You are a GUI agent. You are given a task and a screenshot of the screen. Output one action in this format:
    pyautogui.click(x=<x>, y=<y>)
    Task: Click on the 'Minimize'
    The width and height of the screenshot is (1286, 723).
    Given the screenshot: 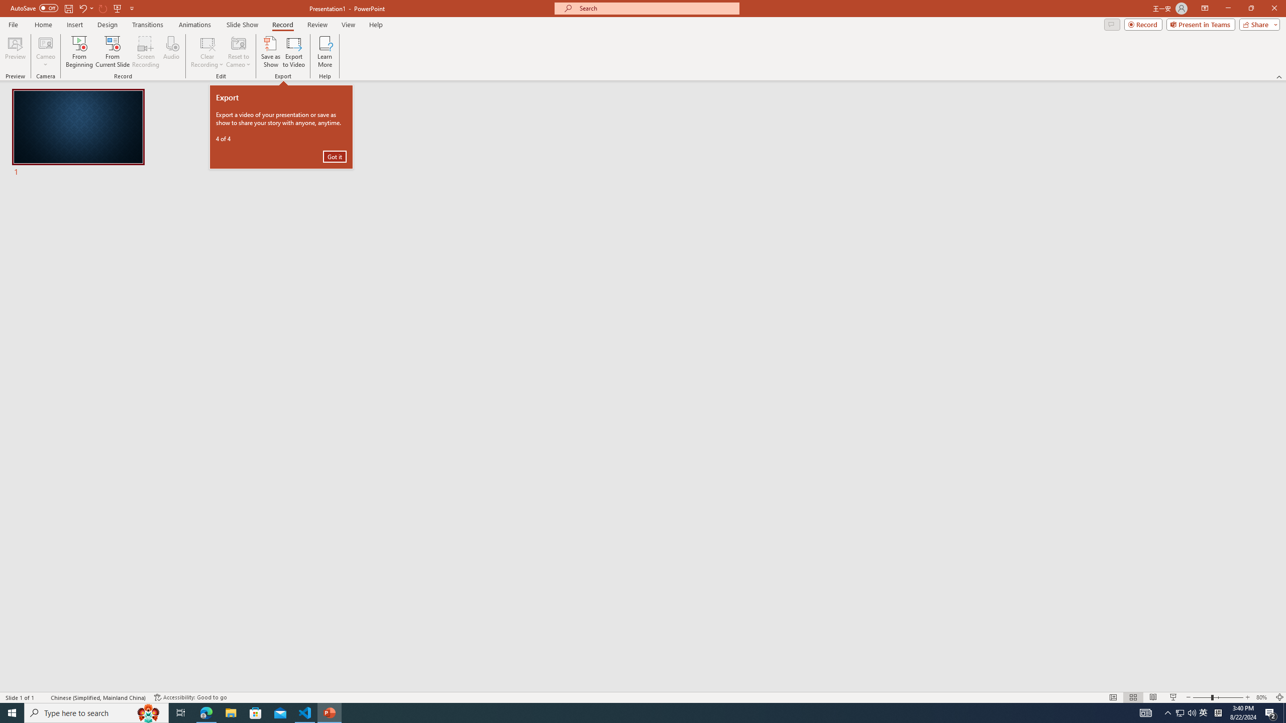 What is the action you would take?
    pyautogui.click(x=1227, y=8)
    